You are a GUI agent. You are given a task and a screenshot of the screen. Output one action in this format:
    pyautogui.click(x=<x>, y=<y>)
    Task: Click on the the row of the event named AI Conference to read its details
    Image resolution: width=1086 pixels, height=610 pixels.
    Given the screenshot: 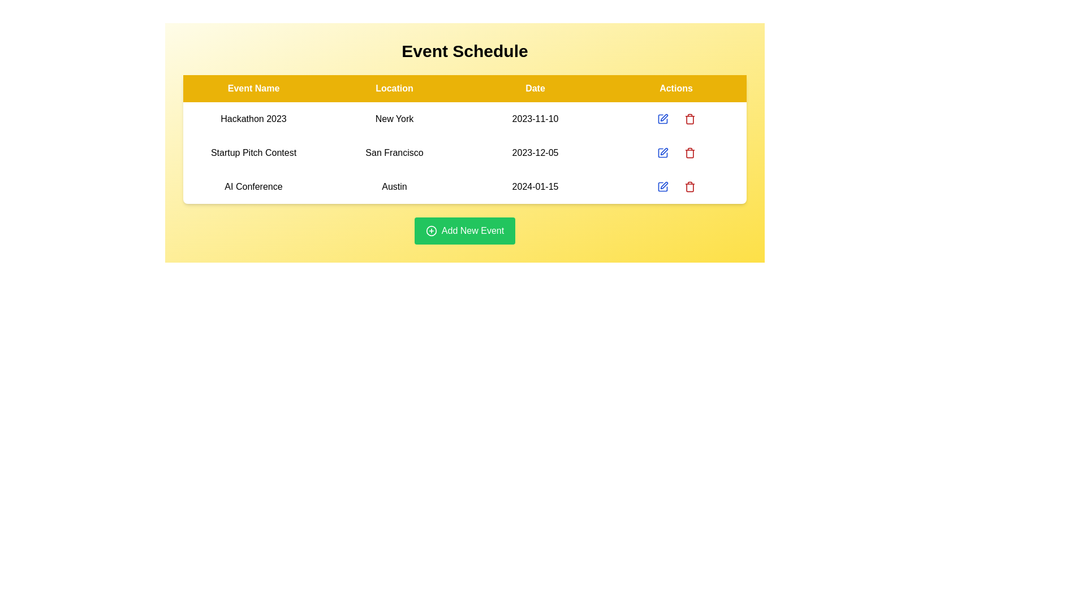 What is the action you would take?
    pyautogui.click(x=253, y=186)
    